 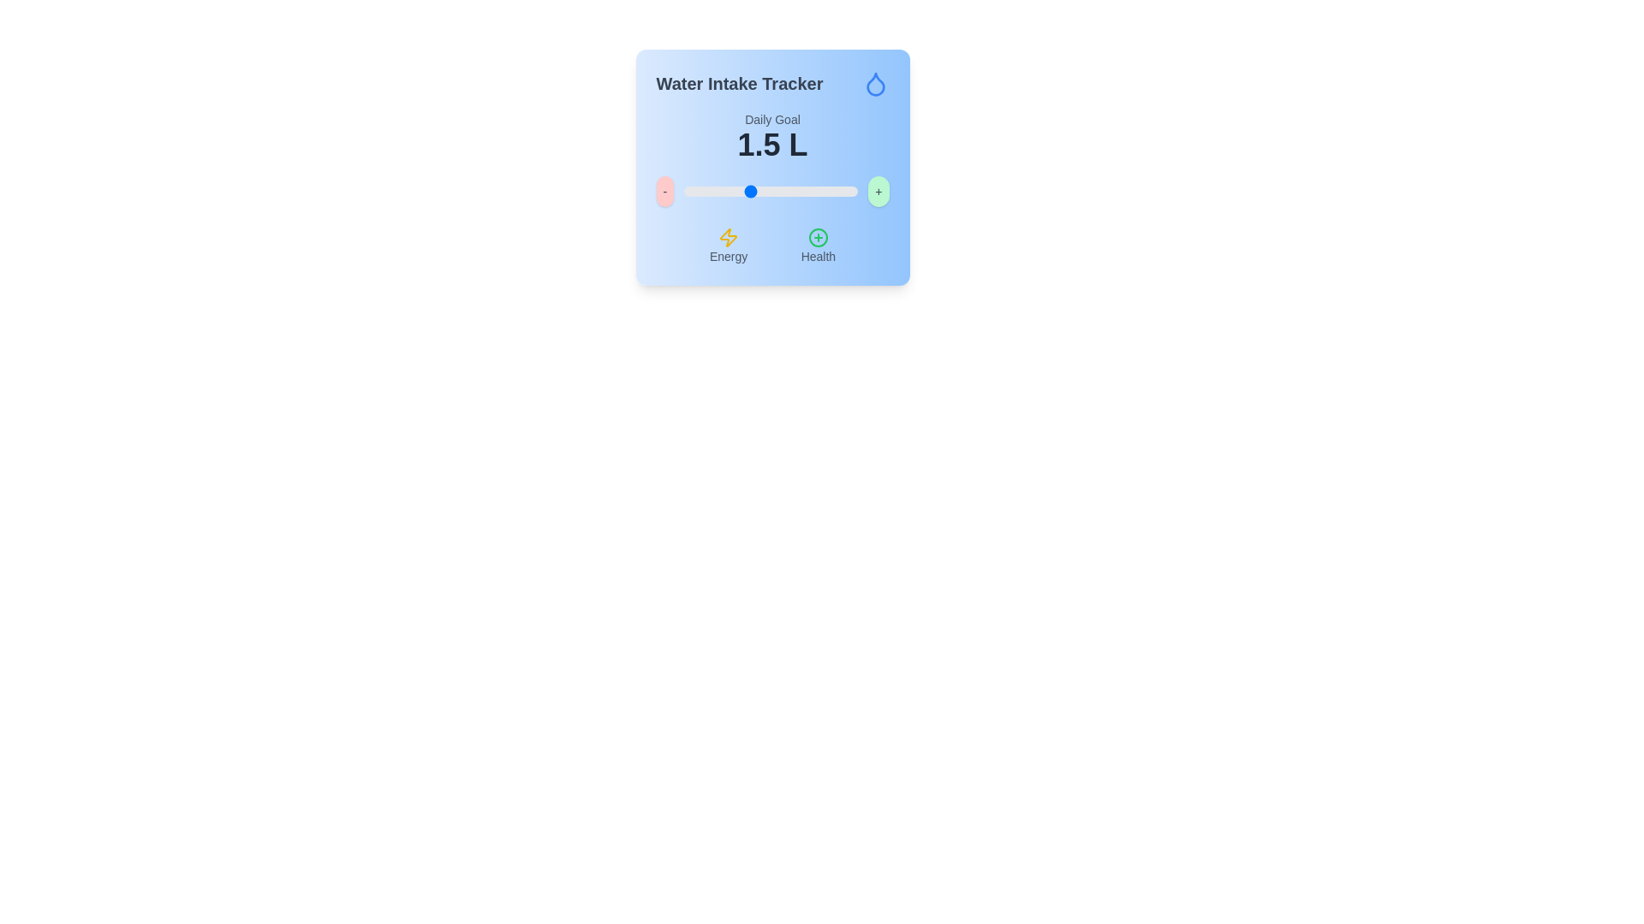 I want to click on the minus button with a red background and gray text to decrease the slider value, so click(x=664, y=191).